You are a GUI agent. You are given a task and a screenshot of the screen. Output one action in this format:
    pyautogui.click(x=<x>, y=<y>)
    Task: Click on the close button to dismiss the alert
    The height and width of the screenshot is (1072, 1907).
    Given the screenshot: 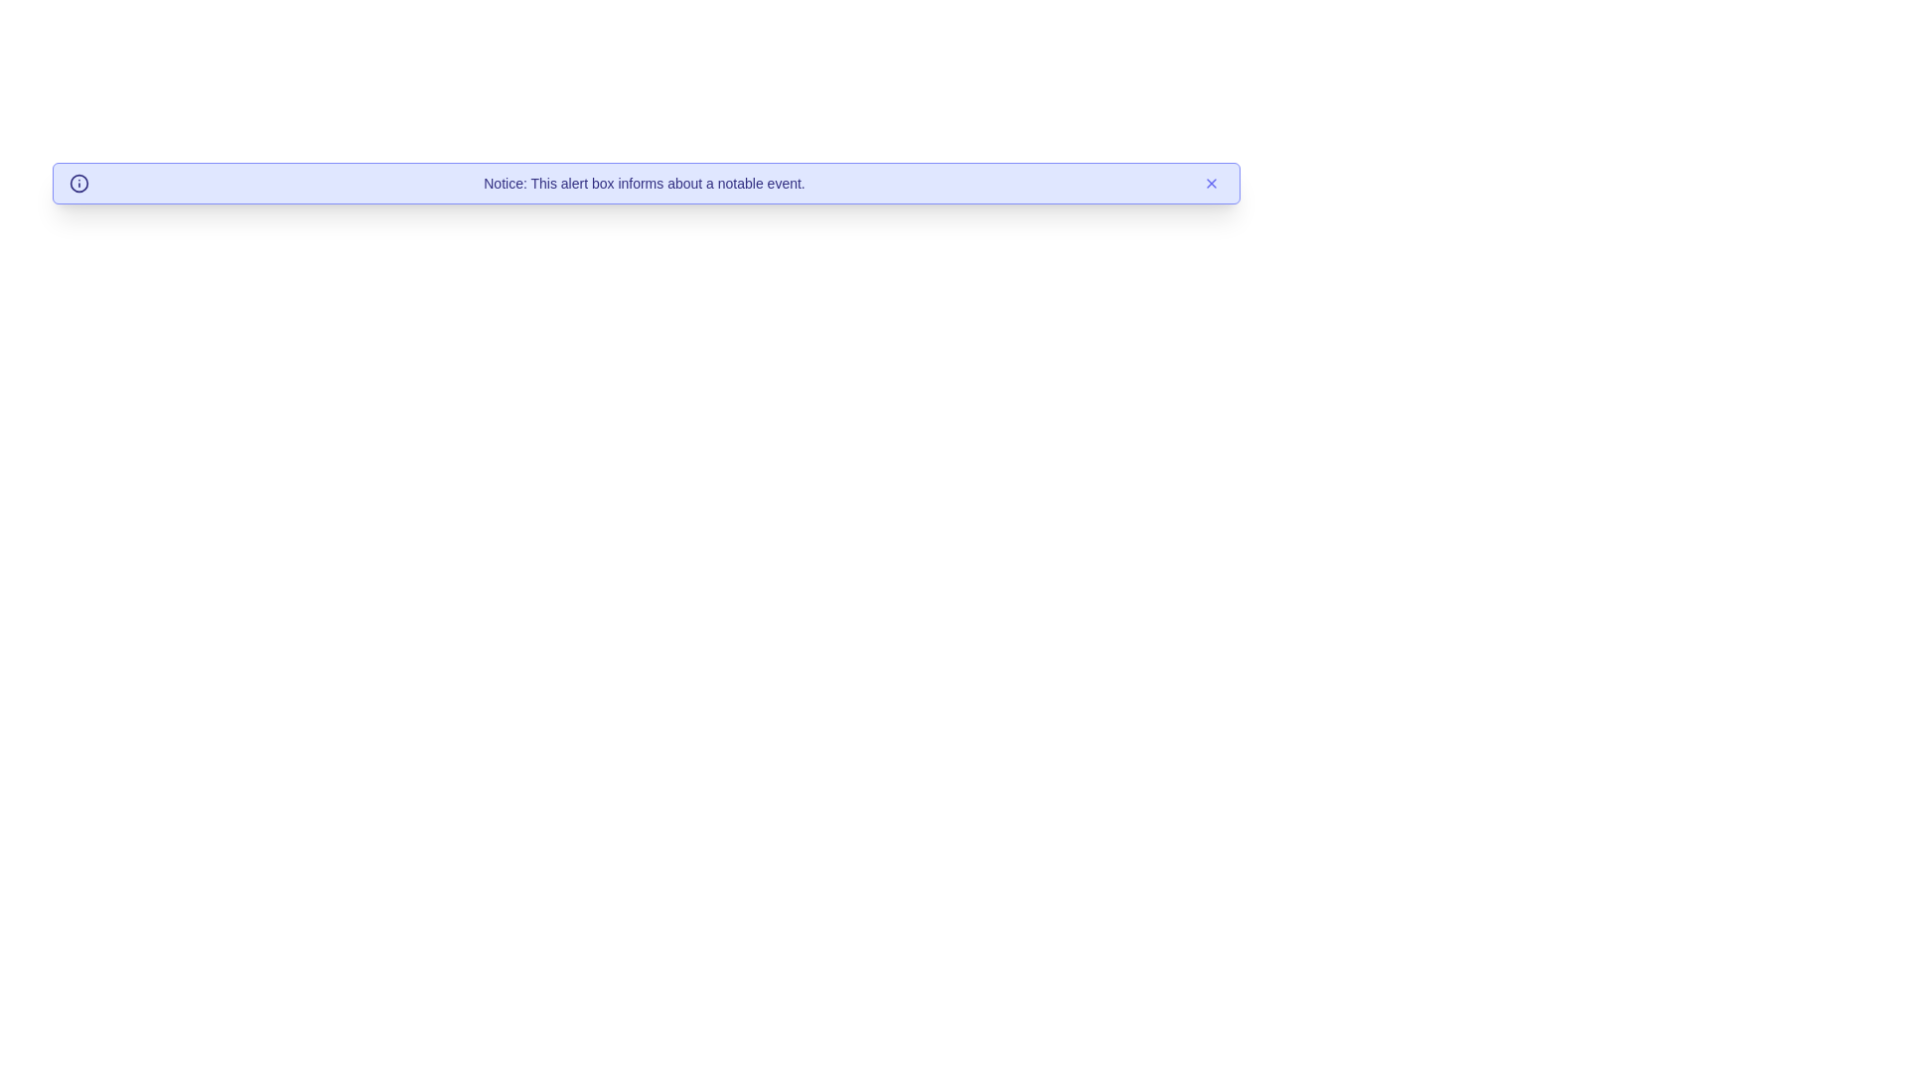 What is the action you would take?
    pyautogui.click(x=1210, y=184)
    